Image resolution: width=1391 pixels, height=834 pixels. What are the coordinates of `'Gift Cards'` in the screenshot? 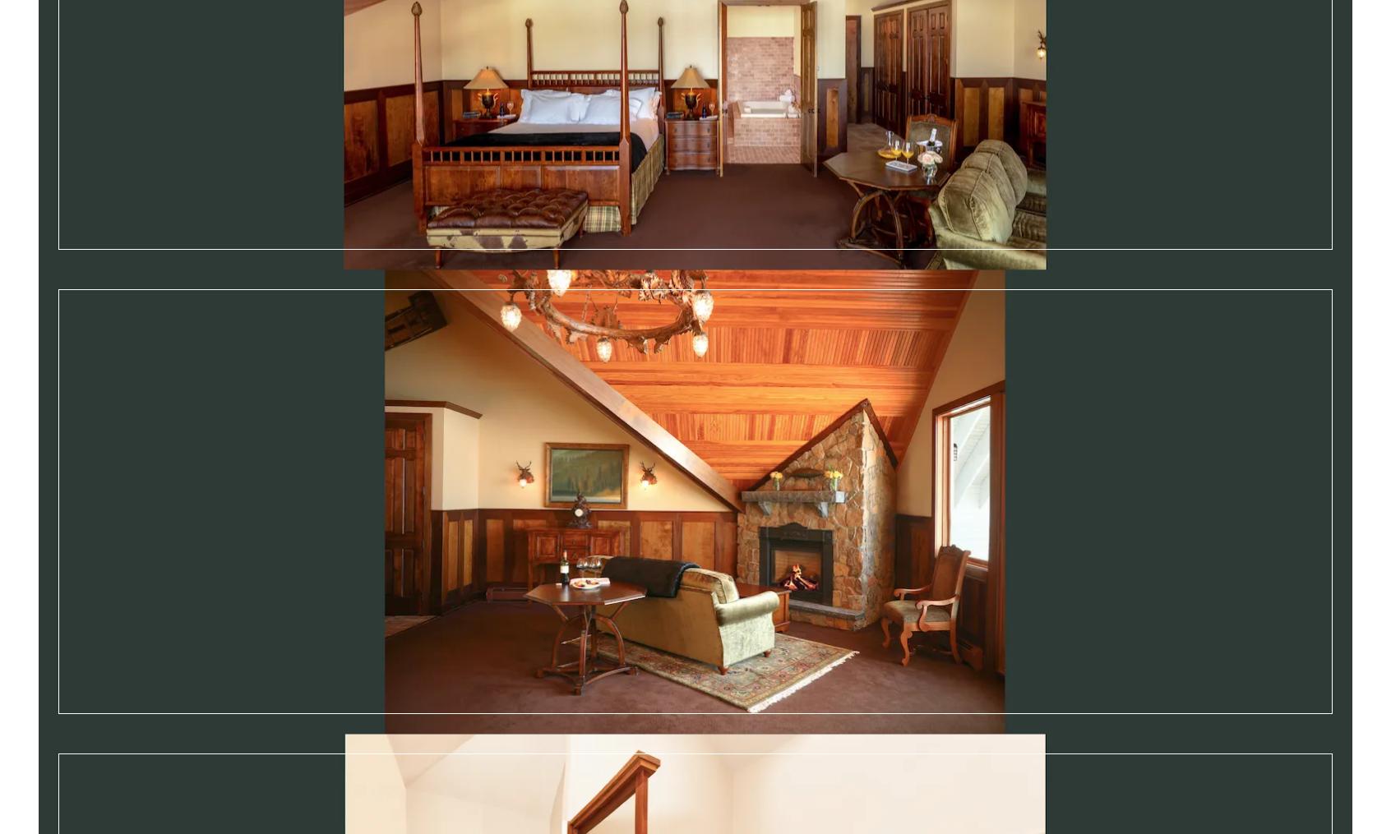 It's located at (454, 777).